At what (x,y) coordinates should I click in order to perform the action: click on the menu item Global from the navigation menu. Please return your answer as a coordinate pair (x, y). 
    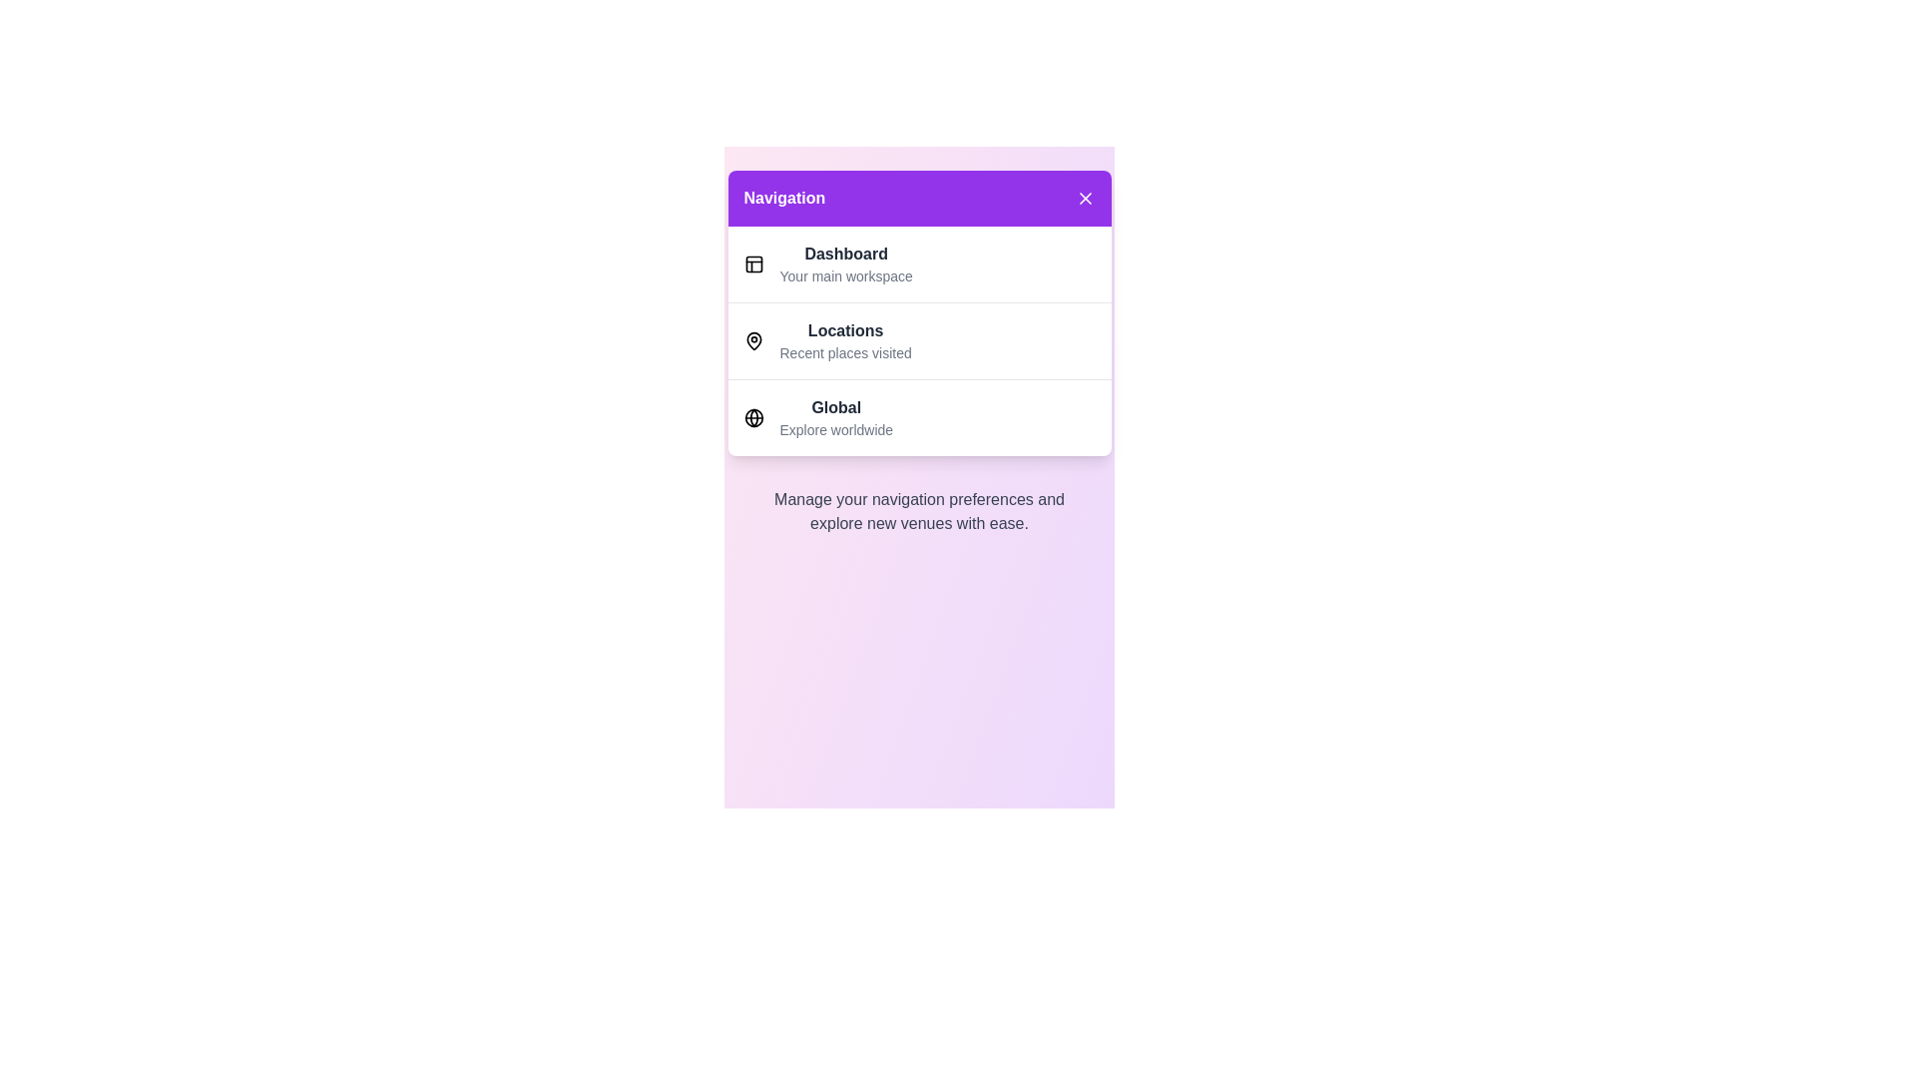
    Looking at the image, I should click on (847, 415).